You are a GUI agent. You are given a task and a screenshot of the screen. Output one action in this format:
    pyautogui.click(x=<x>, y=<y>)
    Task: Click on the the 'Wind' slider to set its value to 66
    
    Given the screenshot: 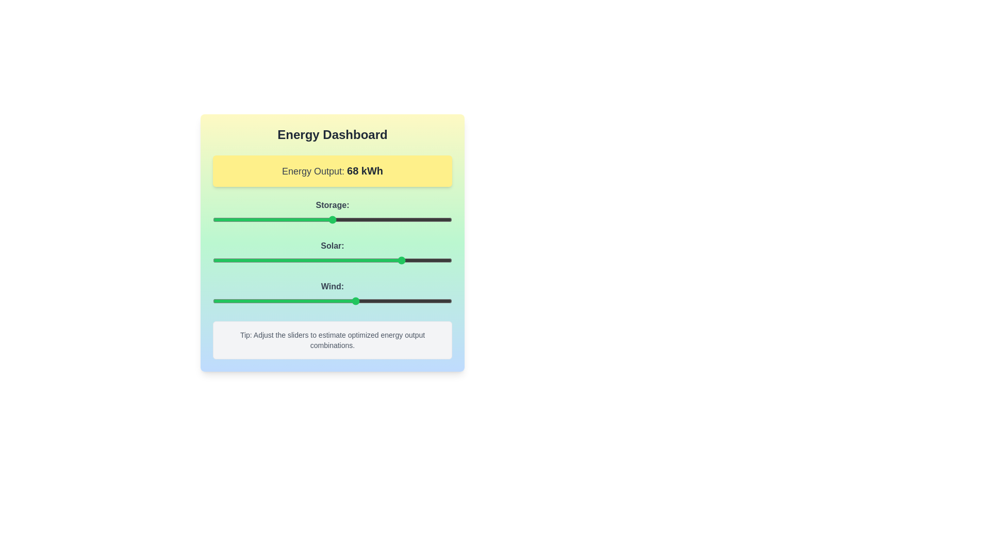 What is the action you would take?
    pyautogui.click(x=371, y=301)
    